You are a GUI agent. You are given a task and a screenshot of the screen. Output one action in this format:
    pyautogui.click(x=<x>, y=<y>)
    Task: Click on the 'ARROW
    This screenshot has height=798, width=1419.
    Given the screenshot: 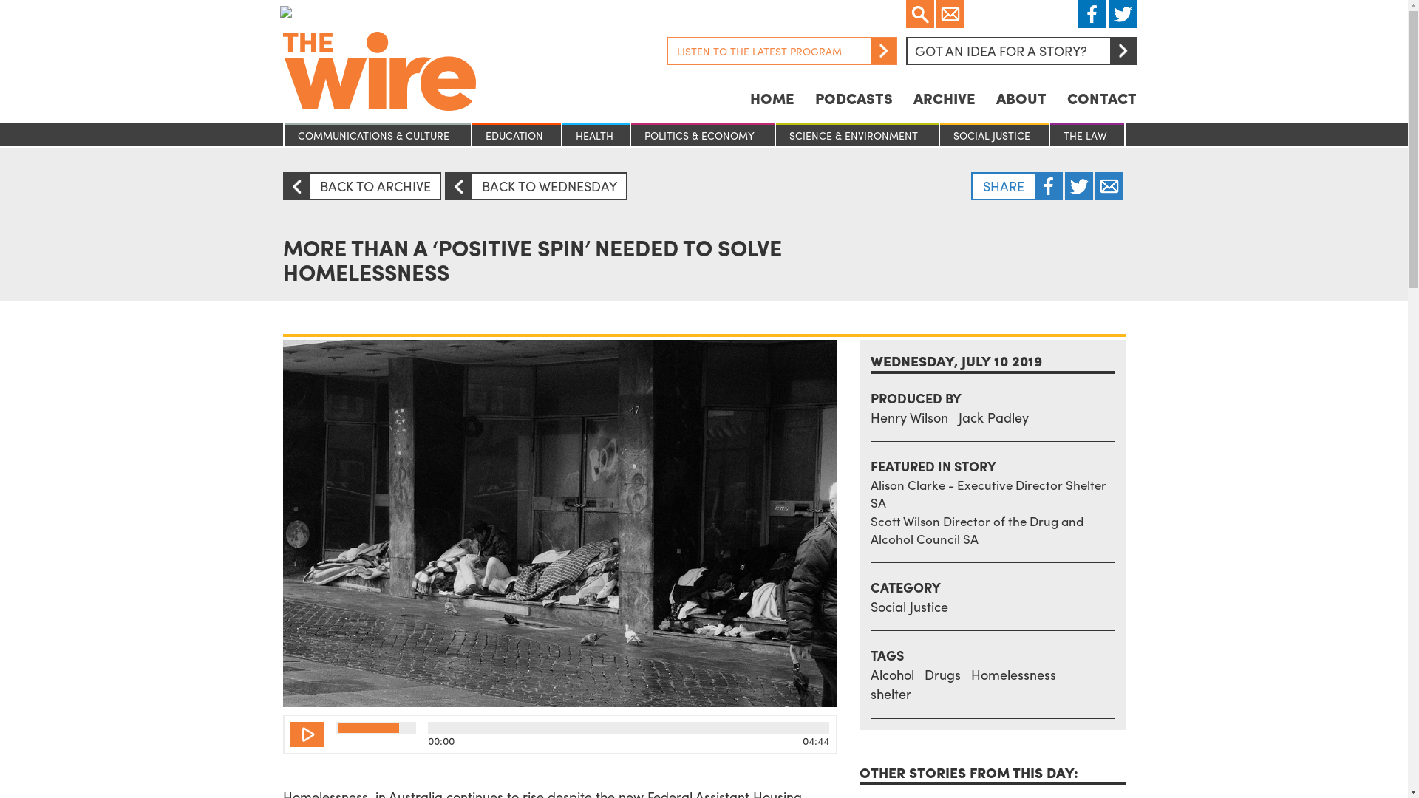 What is the action you would take?
    pyautogui.click(x=361, y=185)
    